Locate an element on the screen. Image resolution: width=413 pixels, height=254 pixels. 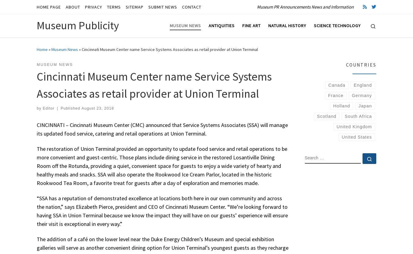
'United States' is located at coordinates (356, 137).